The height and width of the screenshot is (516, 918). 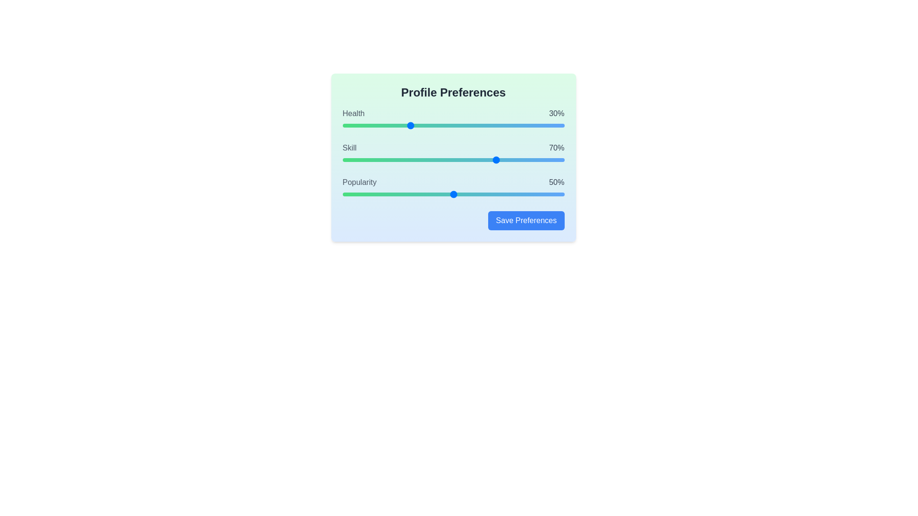 I want to click on the 'Save Preferences' button to save the current preferences, so click(x=525, y=221).